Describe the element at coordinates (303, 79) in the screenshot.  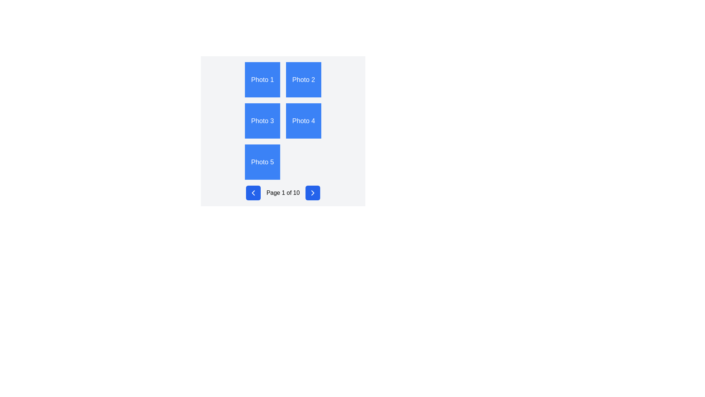
I see `the static text label labeled 'Photo 2' in the top row, second column of the grid layout` at that location.